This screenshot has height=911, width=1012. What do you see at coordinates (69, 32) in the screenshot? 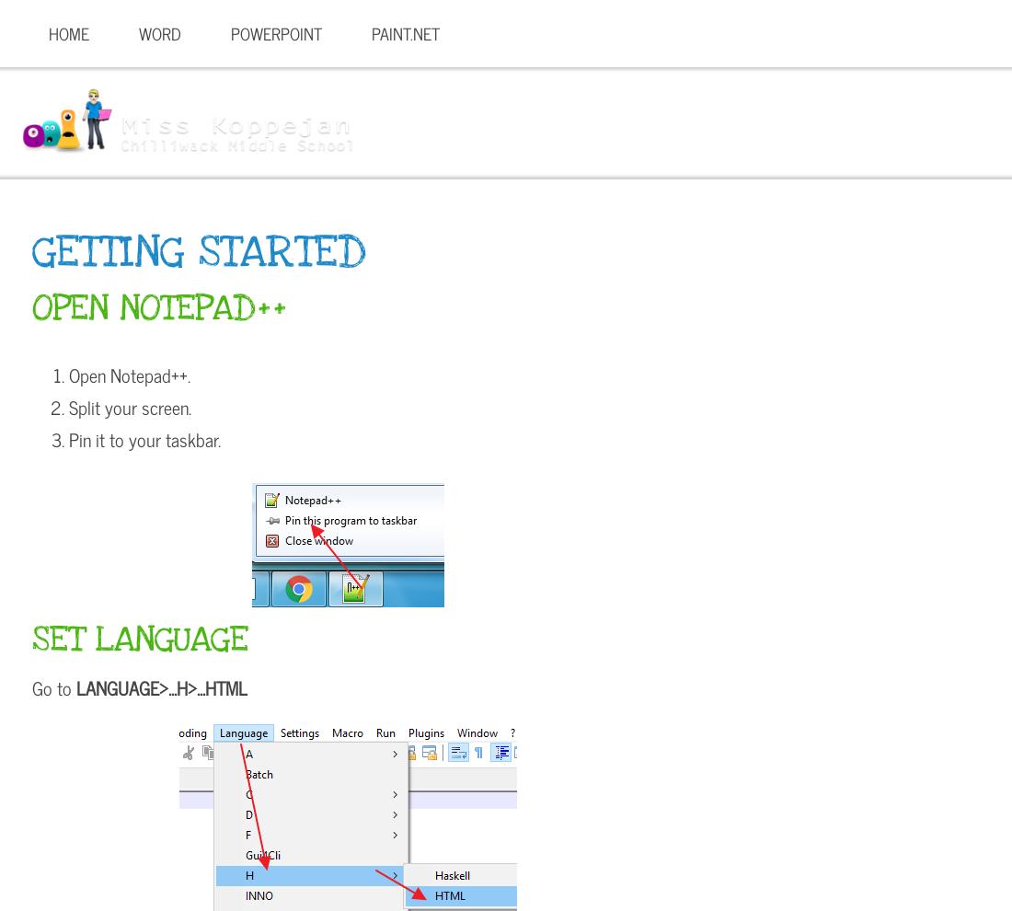
I see `'HOME'` at bounding box center [69, 32].